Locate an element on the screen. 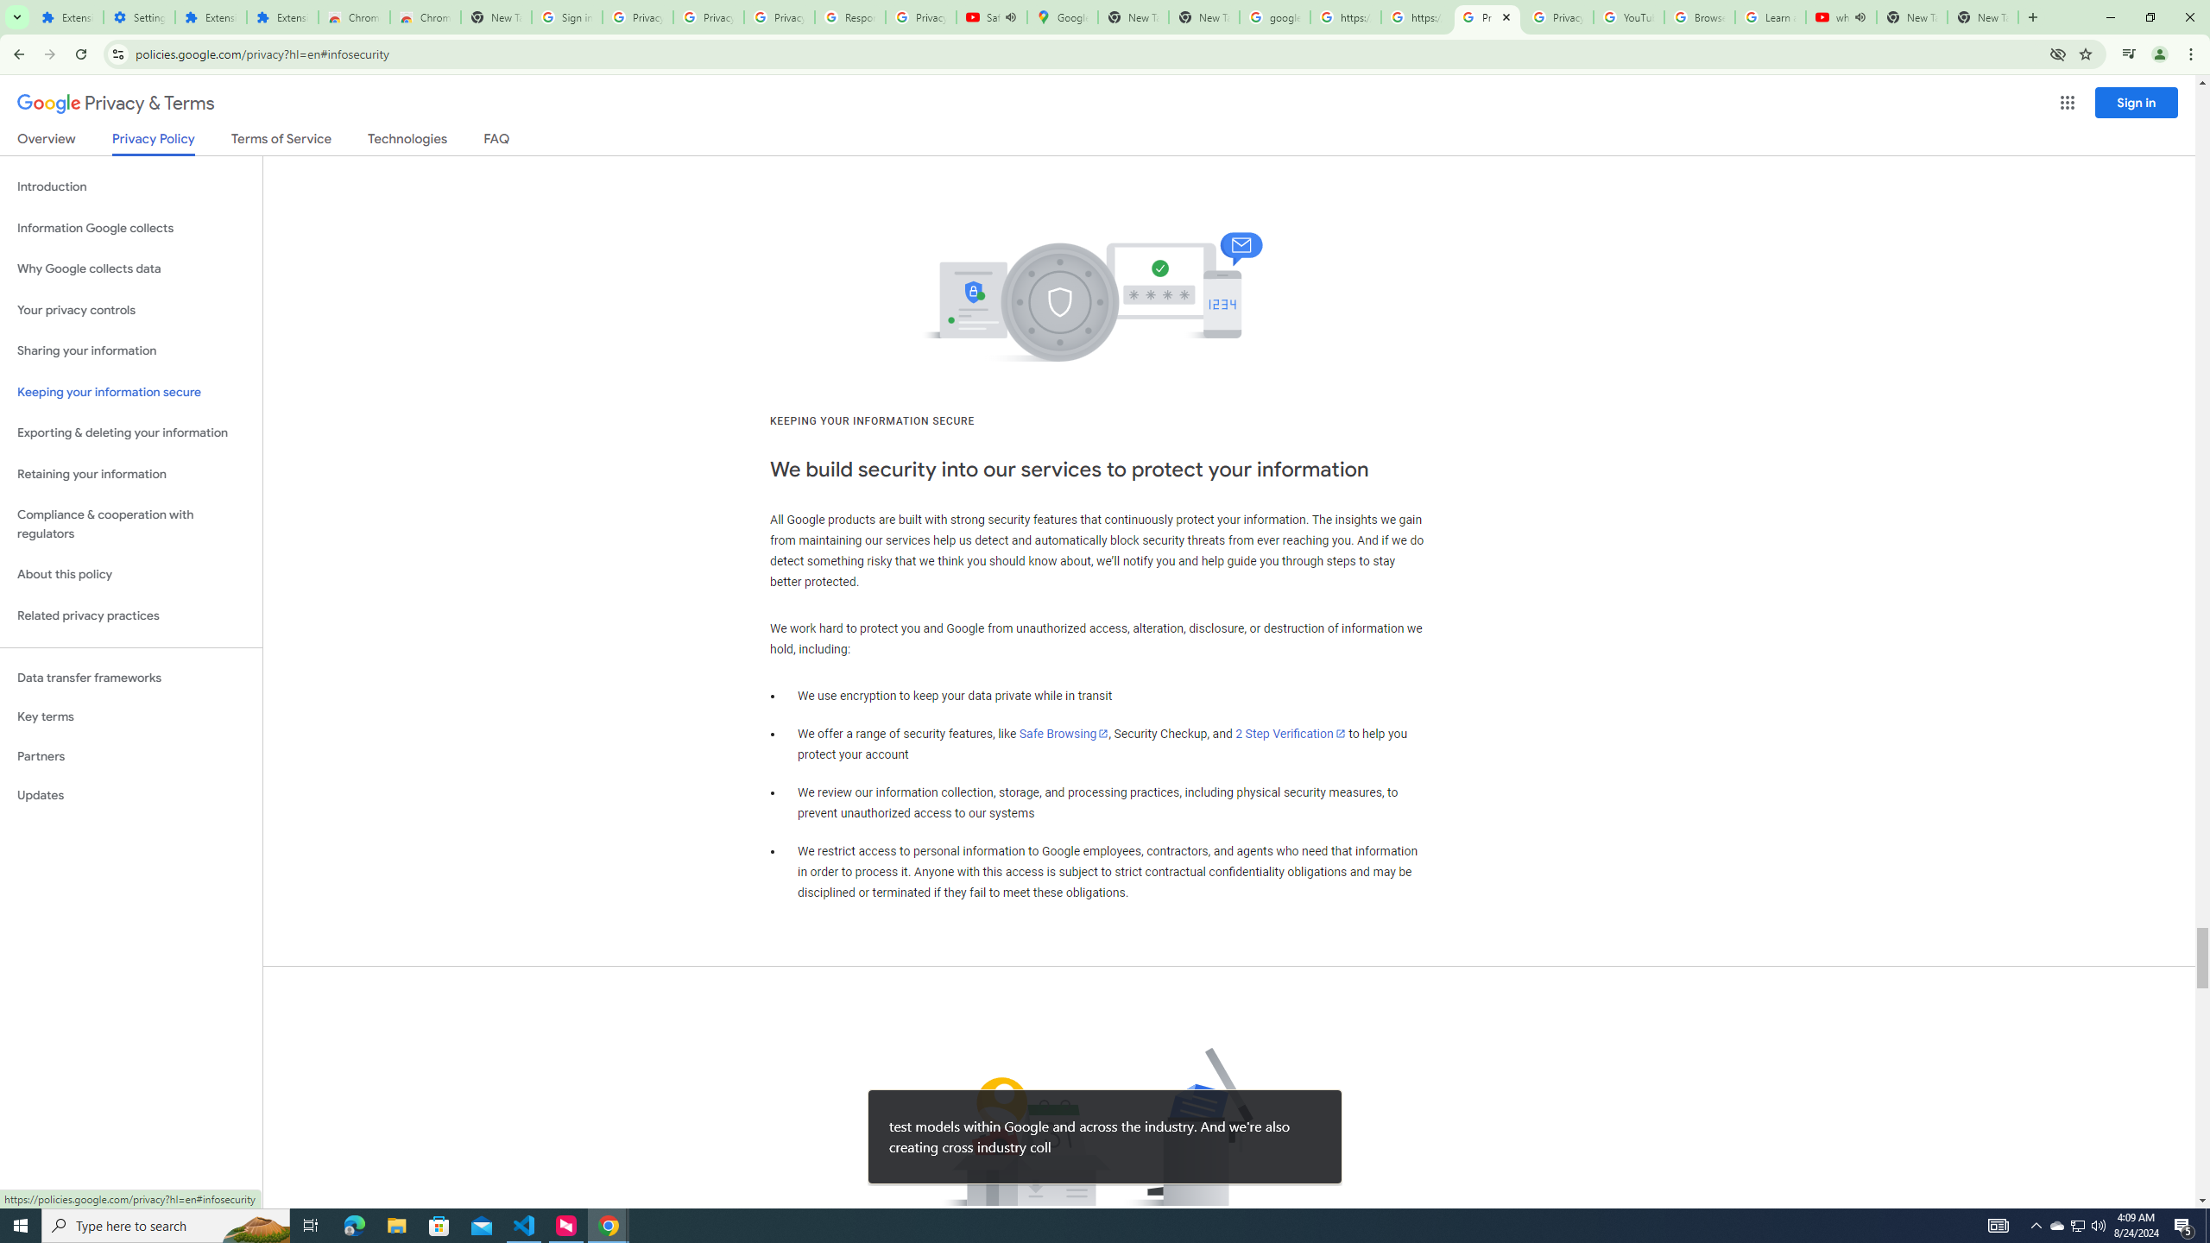  'Your privacy controls' is located at coordinates (130, 311).